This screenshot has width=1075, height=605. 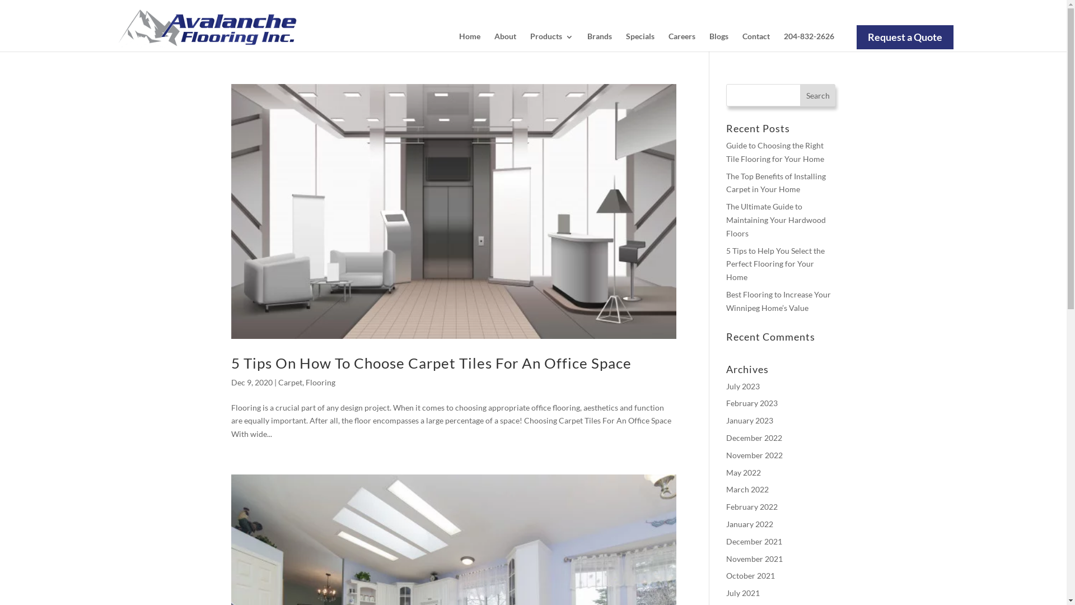 What do you see at coordinates (289, 381) in the screenshot?
I see `'Carpet'` at bounding box center [289, 381].